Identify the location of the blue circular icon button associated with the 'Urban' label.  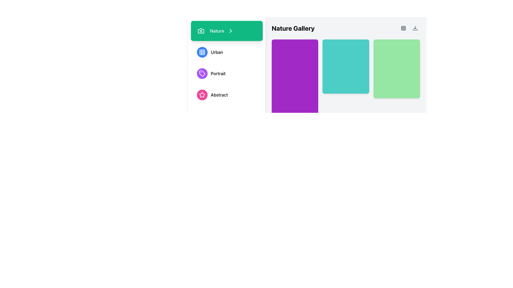
(202, 52).